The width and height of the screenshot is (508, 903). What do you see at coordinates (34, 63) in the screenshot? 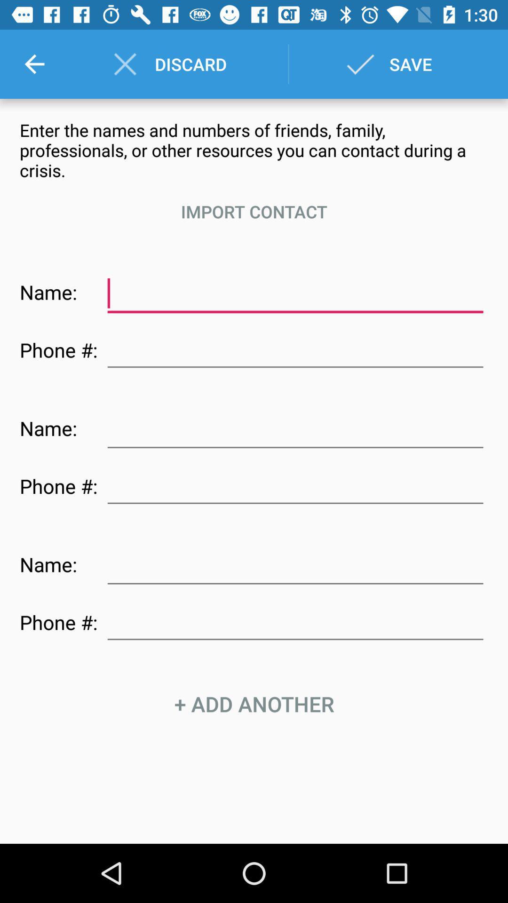
I see `the icon next to discard item` at bounding box center [34, 63].